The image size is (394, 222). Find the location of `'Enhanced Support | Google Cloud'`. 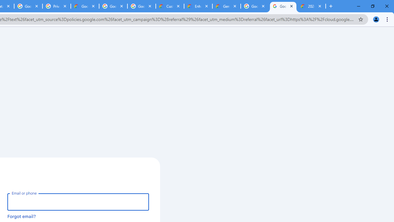

'Enhanced Support | Google Cloud' is located at coordinates (198, 6).